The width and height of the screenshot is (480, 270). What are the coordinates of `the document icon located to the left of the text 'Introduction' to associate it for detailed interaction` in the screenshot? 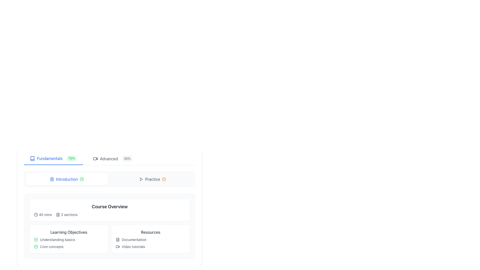 It's located at (52, 179).